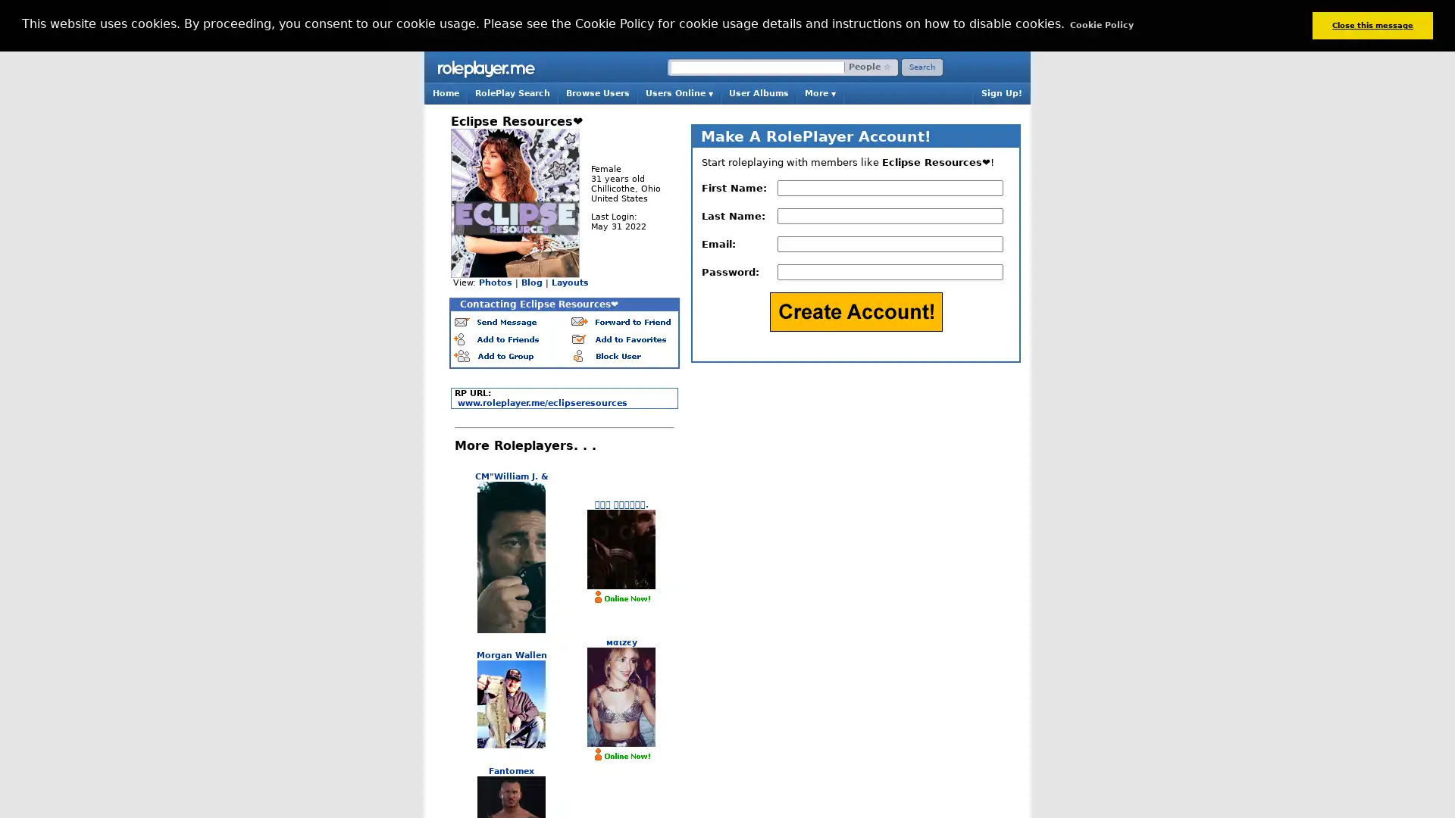  I want to click on Search, so click(921, 66).